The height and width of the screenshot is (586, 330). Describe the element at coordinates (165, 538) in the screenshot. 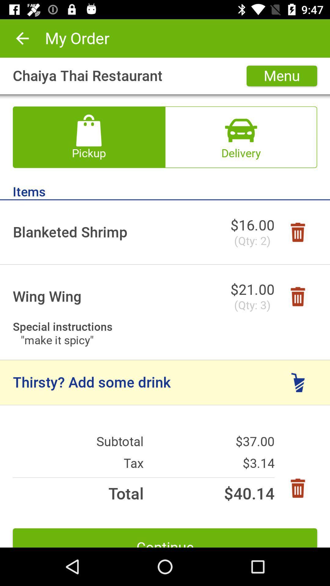

I see `icon below total icon` at that location.